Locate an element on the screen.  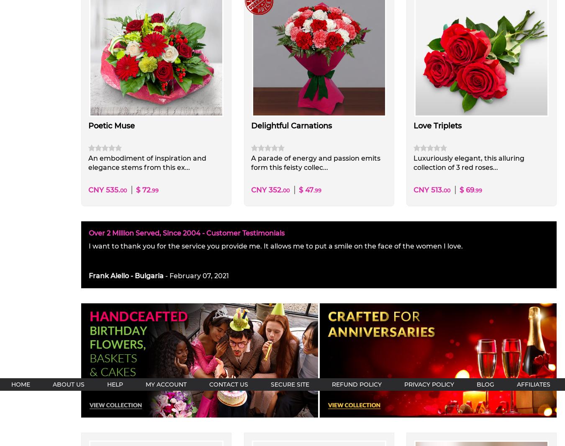
'An embodiment of inspiration and elegance stems from this ex...' is located at coordinates (147, 162).